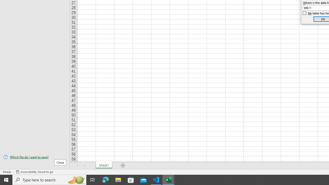 The width and height of the screenshot is (329, 185). Describe the element at coordinates (104, 165) in the screenshot. I see `'Sheet1'` at that location.